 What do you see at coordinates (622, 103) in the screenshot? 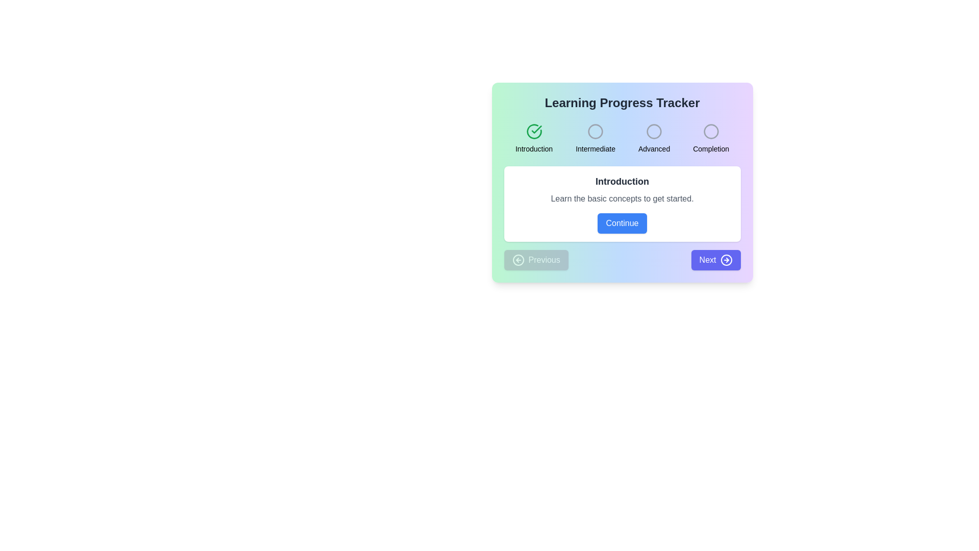
I see `text of the header that displays 'Learning Progress Tracker', which is styled with bold, large-sized text and centered alignment in dark gray against a gradient background` at bounding box center [622, 103].